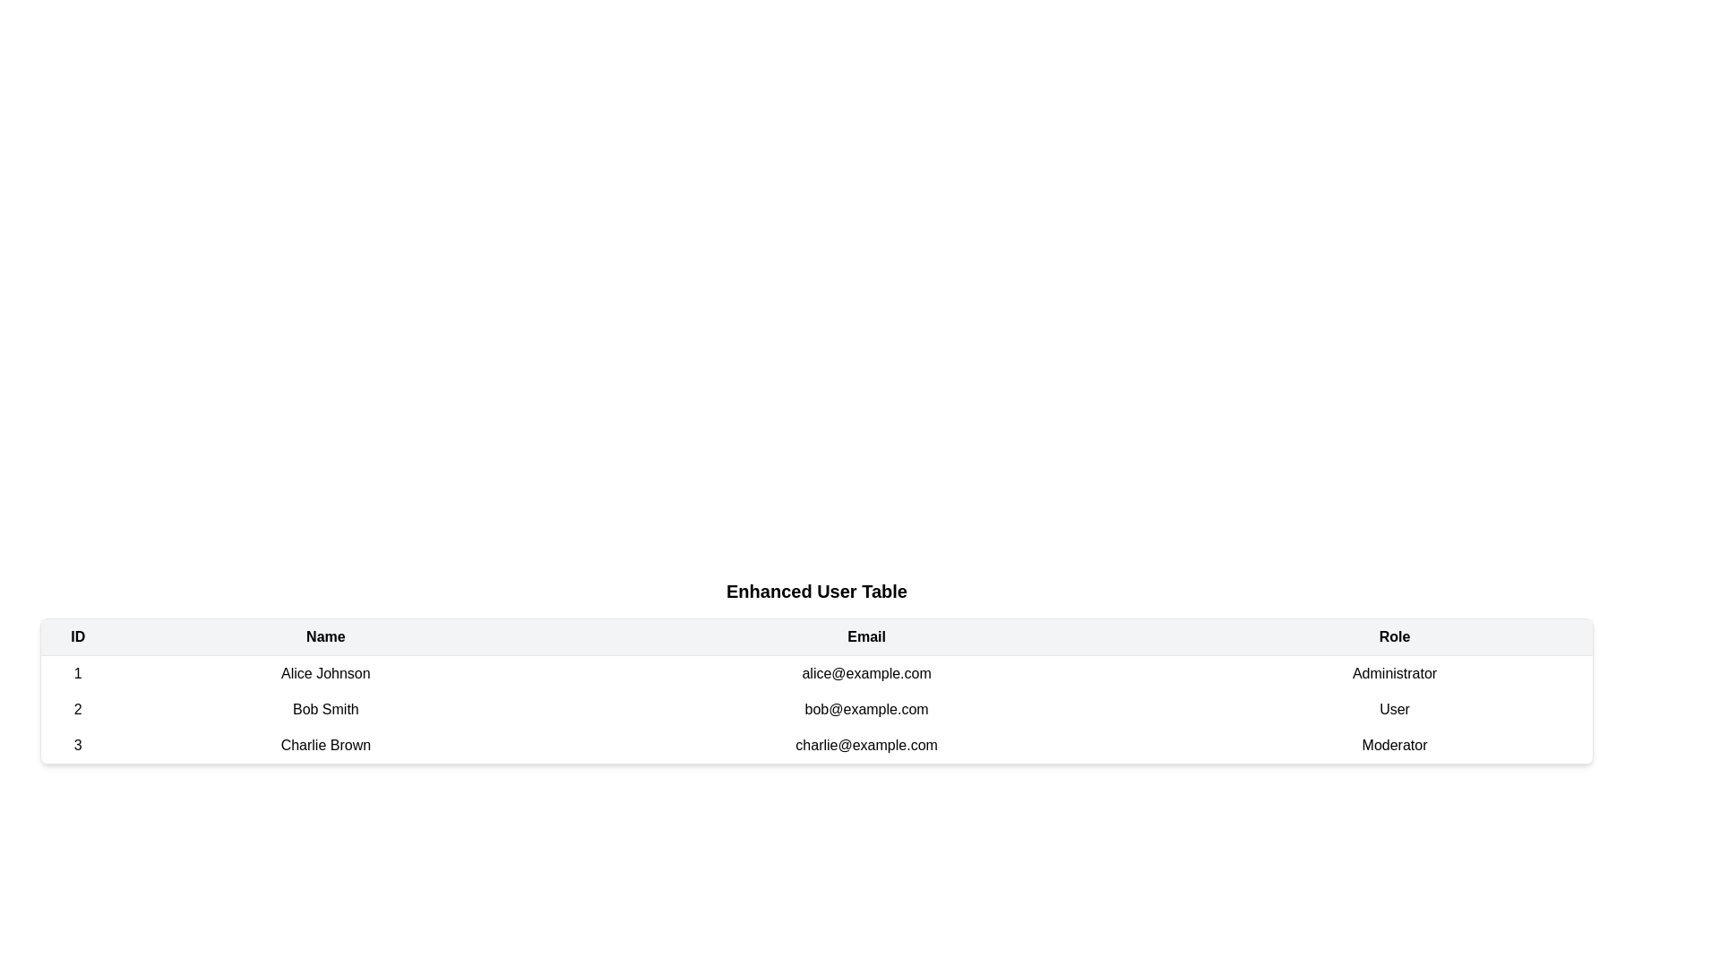  I want to click on the text element displaying 'alice@example.com' in the Email column of the user 'Alice Johnson' in the table, so click(866, 673).